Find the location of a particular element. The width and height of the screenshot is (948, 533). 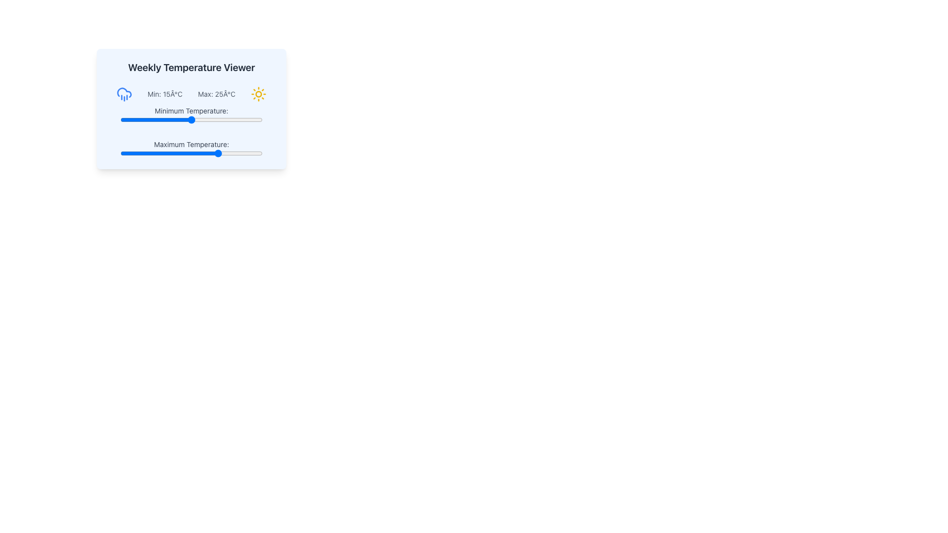

the sun icon, which is yellow with radial lines, located to the right of the text 'Max: 25°C' is located at coordinates (259, 94).